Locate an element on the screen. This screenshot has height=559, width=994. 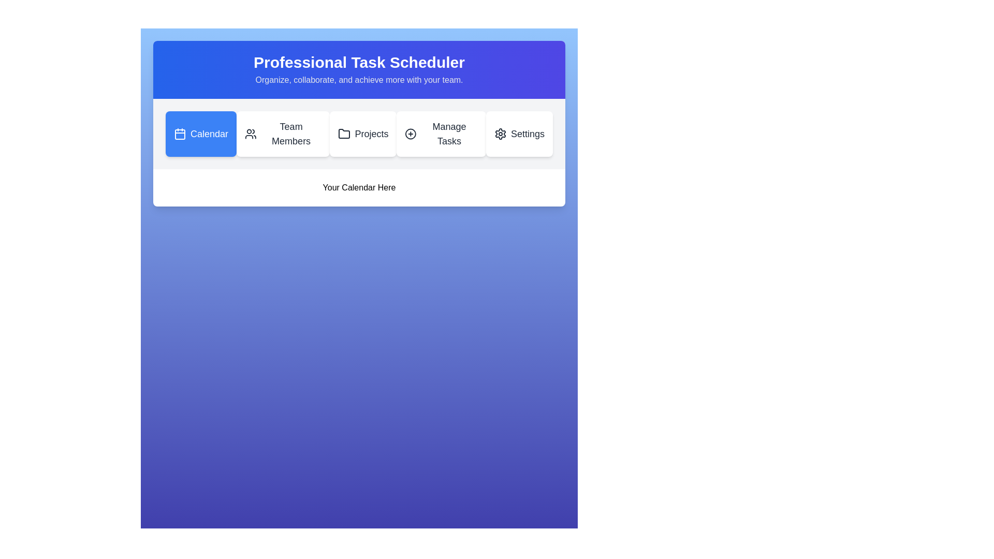
the fourth button in the horizontal menu bar is located at coordinates (441, 133).